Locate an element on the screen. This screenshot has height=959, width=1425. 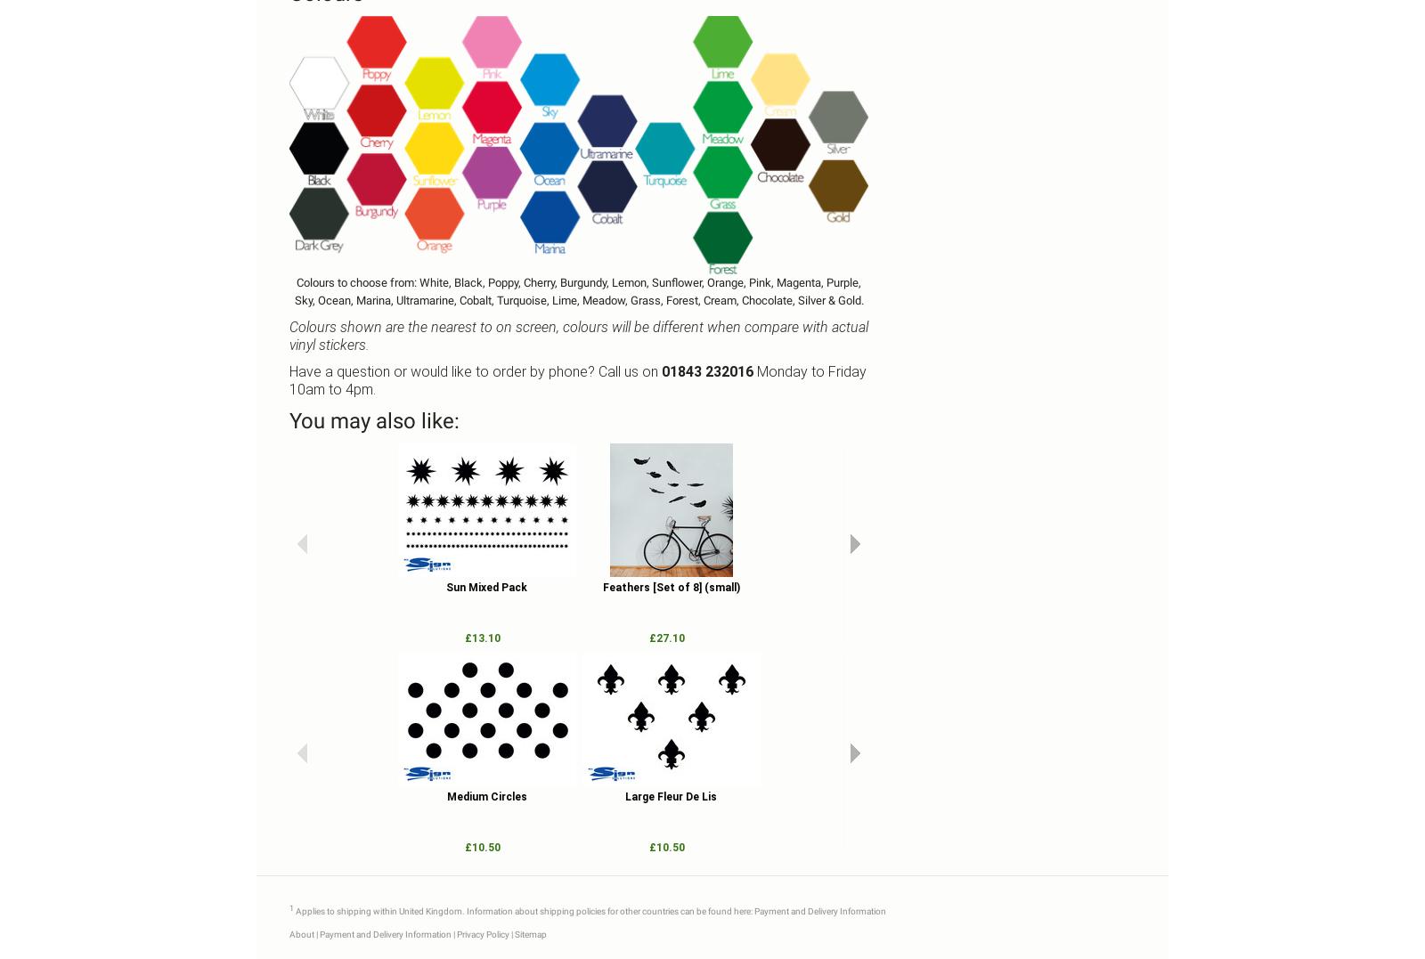
'Colours to choose from: White, Black, Poppy, Cherry, Burgundy, Lemon, Sunflower, Orange, Pink, Magenta, Purple, Sky, Ocean, Marina, Ultramarine, Cobalt, Turquoise, Lime, Meadow, Grass, Forest, Cream, Chocolate, Silver & Gold.' is located at coordinates (578, 290).